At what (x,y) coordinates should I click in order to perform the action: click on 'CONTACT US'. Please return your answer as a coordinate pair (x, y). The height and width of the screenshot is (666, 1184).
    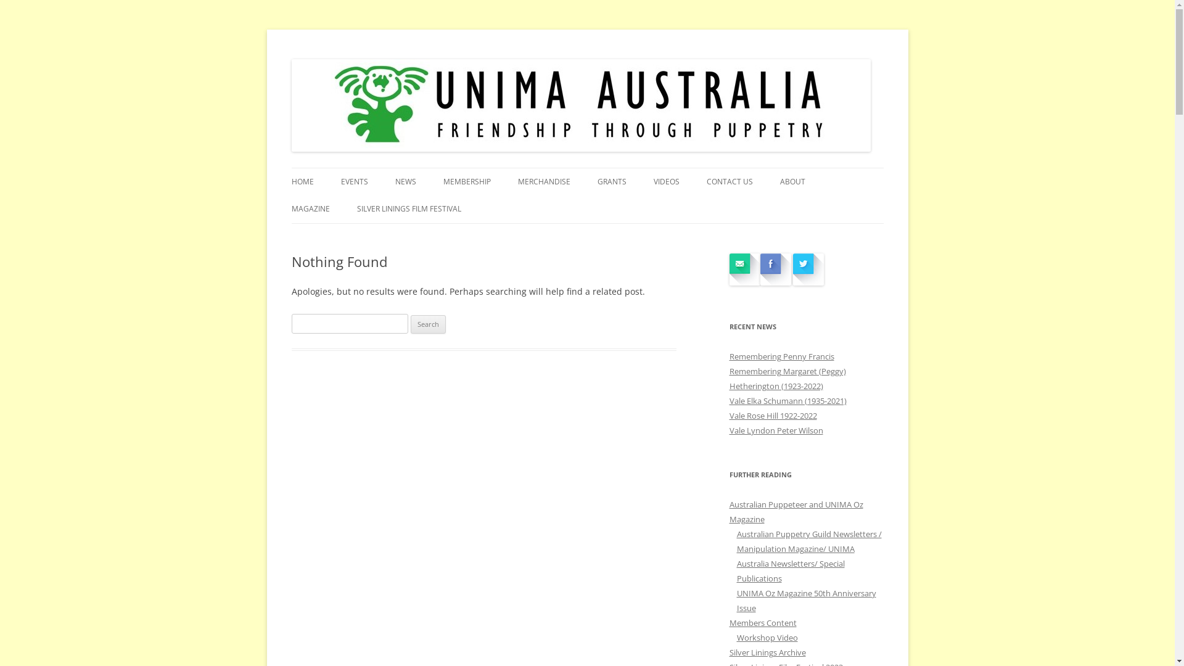
    Looking at the image, I should click on (730, 181).